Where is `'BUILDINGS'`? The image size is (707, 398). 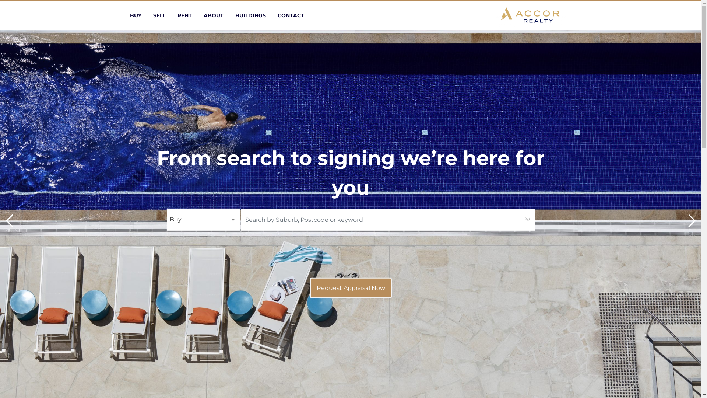
'BUILDINGS' is located at coordinates (235, 15).